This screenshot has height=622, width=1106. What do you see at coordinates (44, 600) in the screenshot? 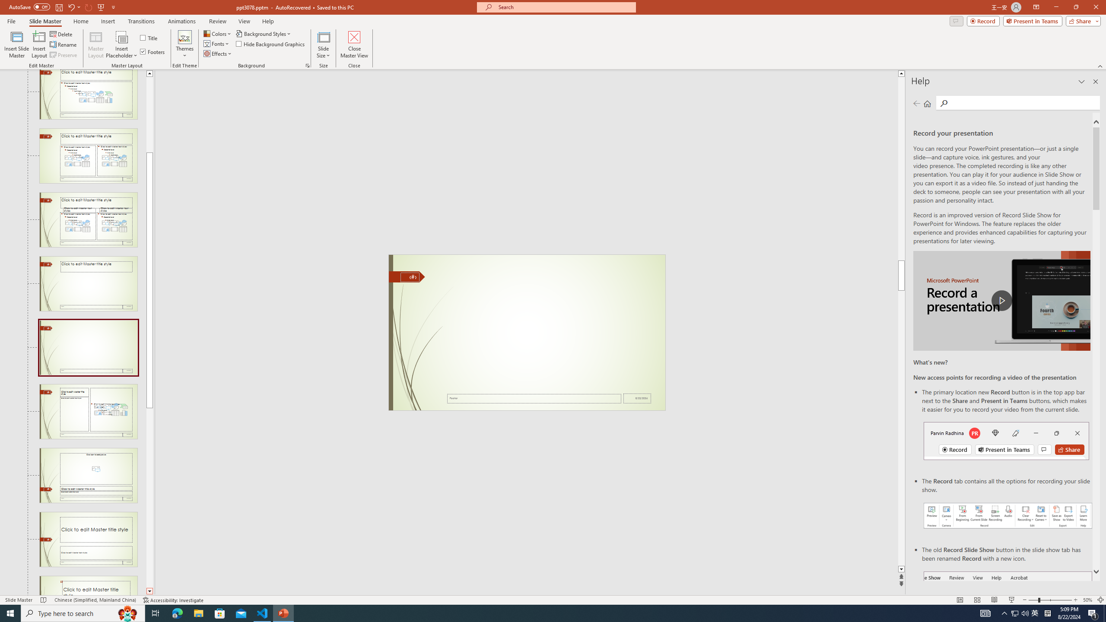
I see `'Spell Check No Errors'` at bounding box center [44, 600].